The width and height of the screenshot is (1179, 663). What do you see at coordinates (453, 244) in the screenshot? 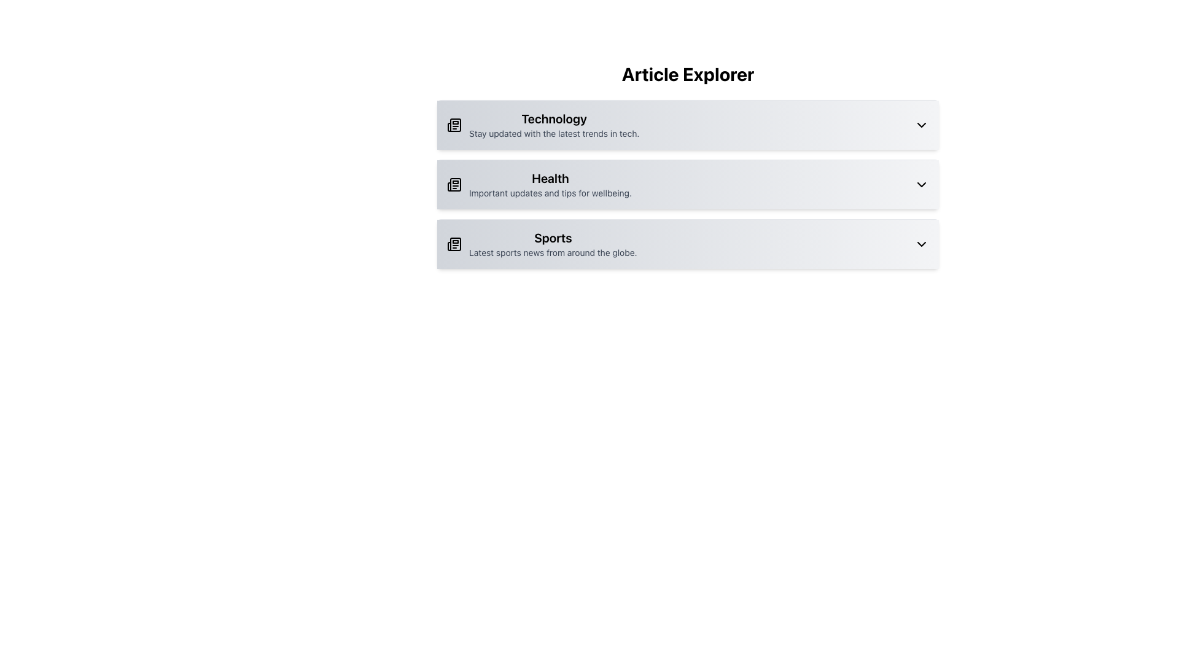
I see `the non-interactive 'Sports' section icon, which serves as a visual cue for users to identify the section's purpose` at bounding box center [453, 244].